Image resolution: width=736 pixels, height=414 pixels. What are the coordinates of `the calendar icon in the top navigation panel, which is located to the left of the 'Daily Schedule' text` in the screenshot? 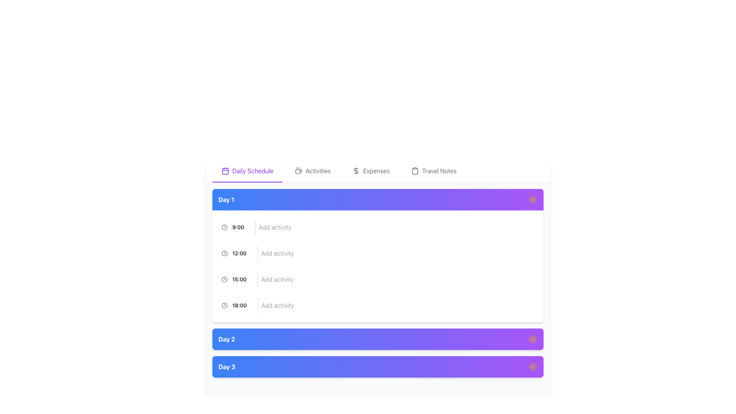 It's located at (225, 171).